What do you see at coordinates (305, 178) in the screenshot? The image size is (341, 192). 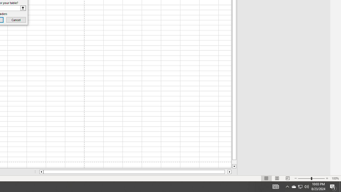 I see `'Zoom Out'` at bounding box center [305, 178].